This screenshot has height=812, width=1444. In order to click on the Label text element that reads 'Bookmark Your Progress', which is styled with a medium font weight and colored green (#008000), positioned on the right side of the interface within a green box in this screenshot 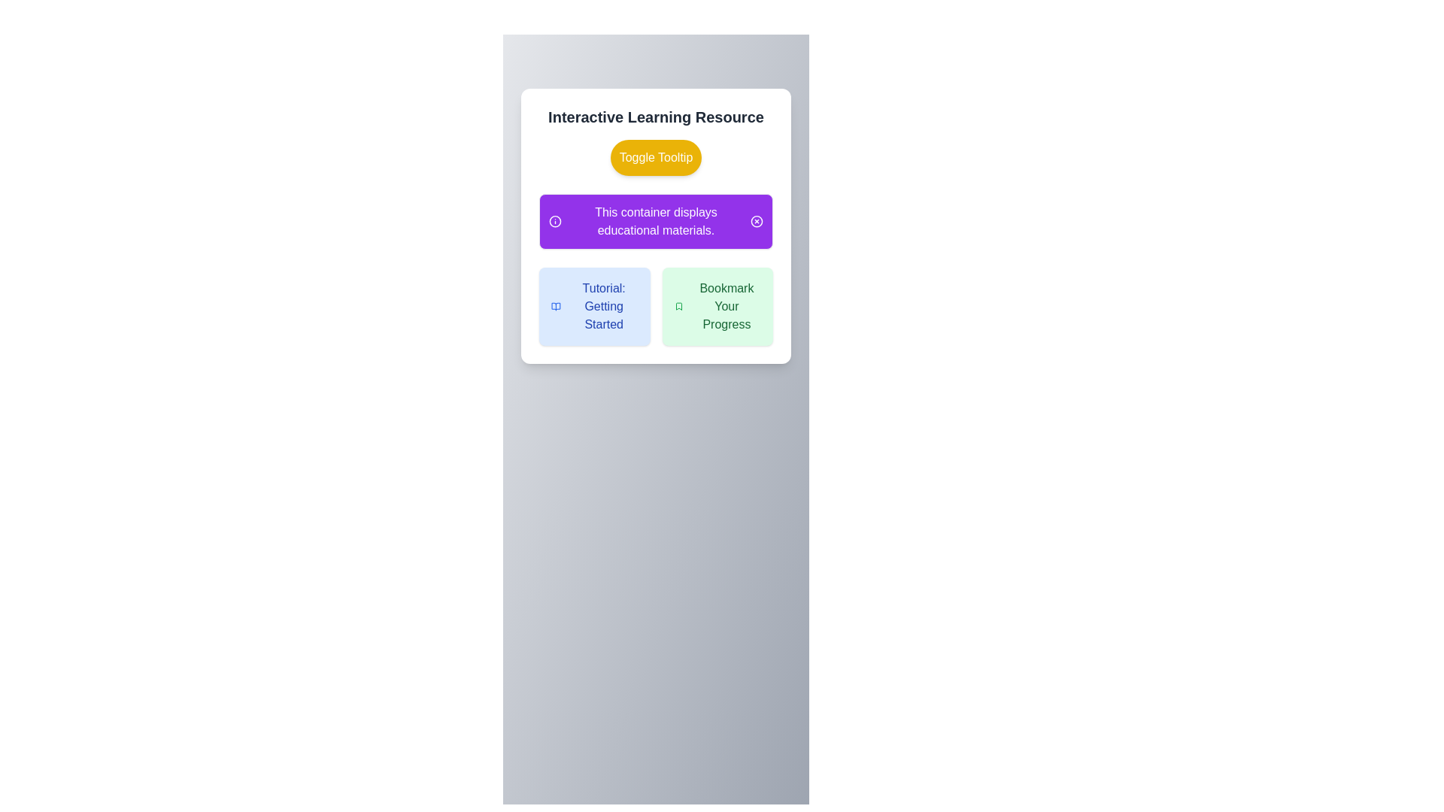, I will do `click(727, 306)`.